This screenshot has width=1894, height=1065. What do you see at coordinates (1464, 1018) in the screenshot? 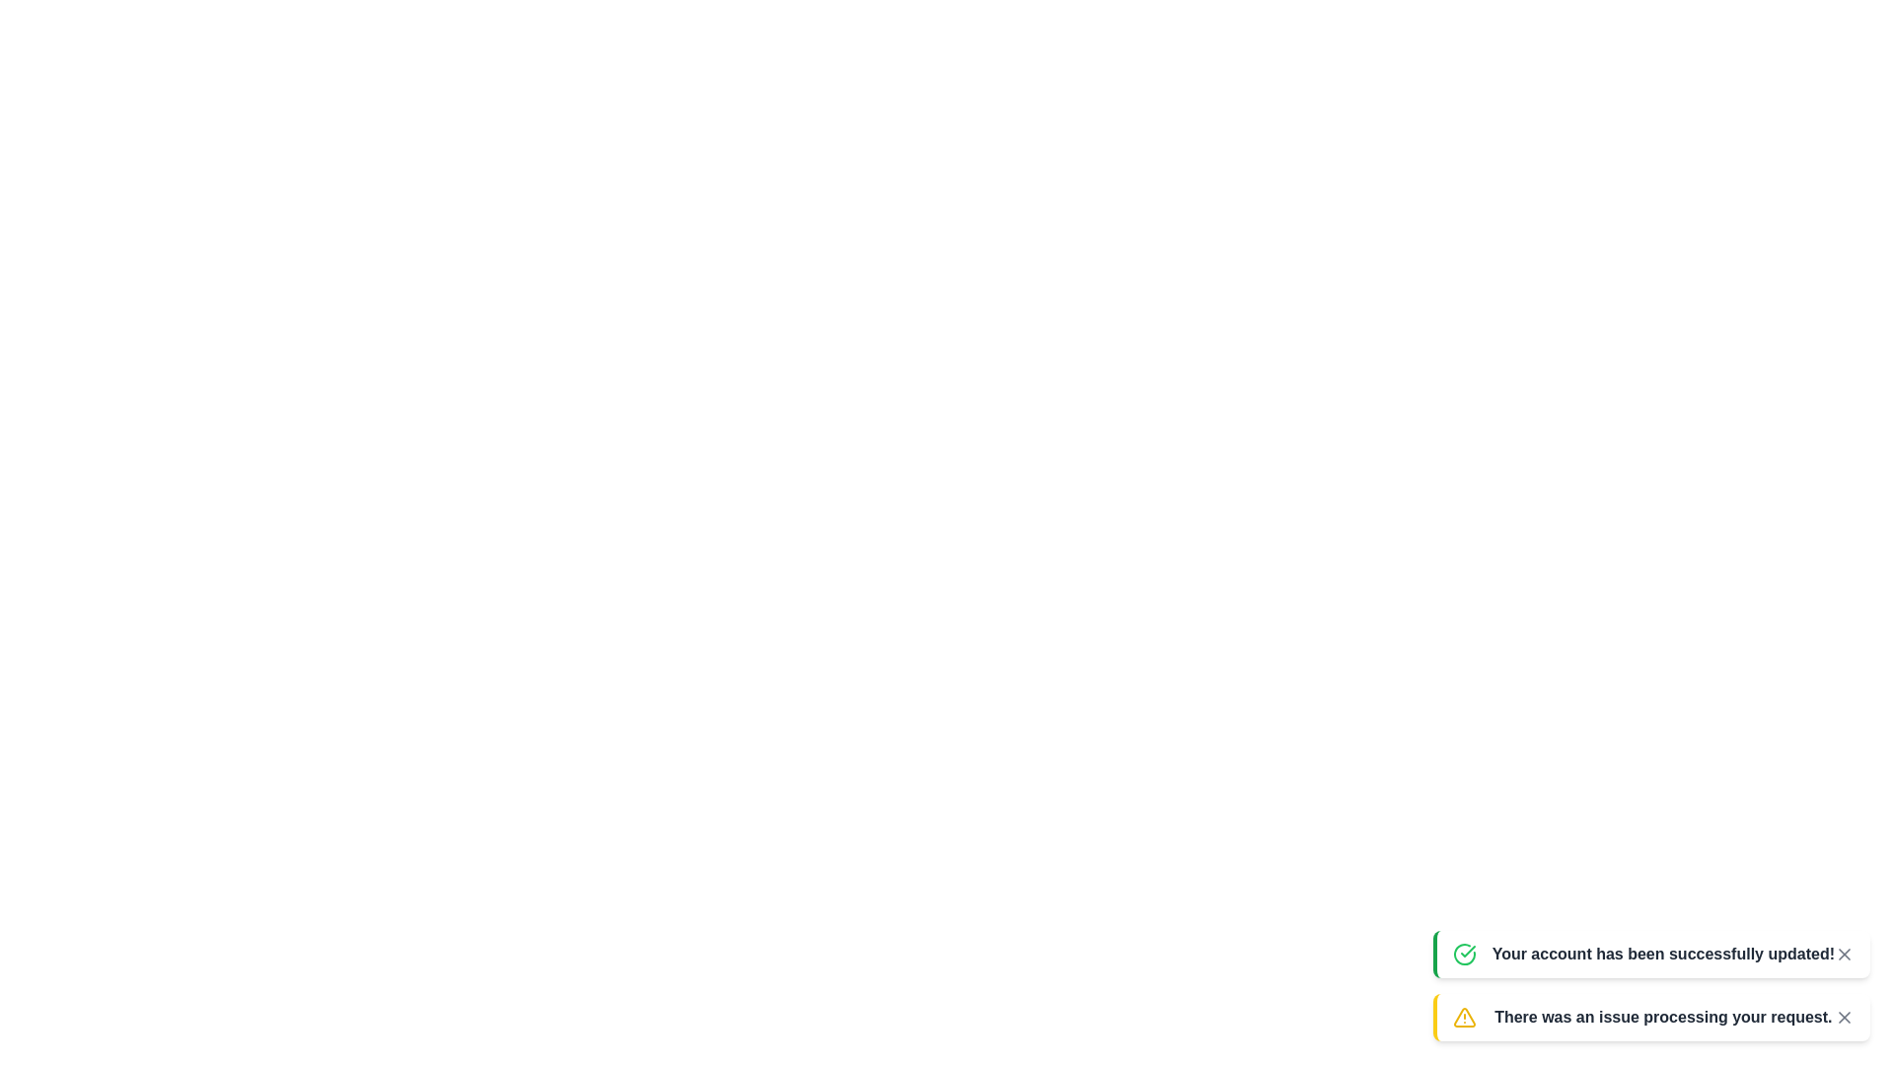
I see `the notification icon for error type` at bounding box center [1464, 1018].